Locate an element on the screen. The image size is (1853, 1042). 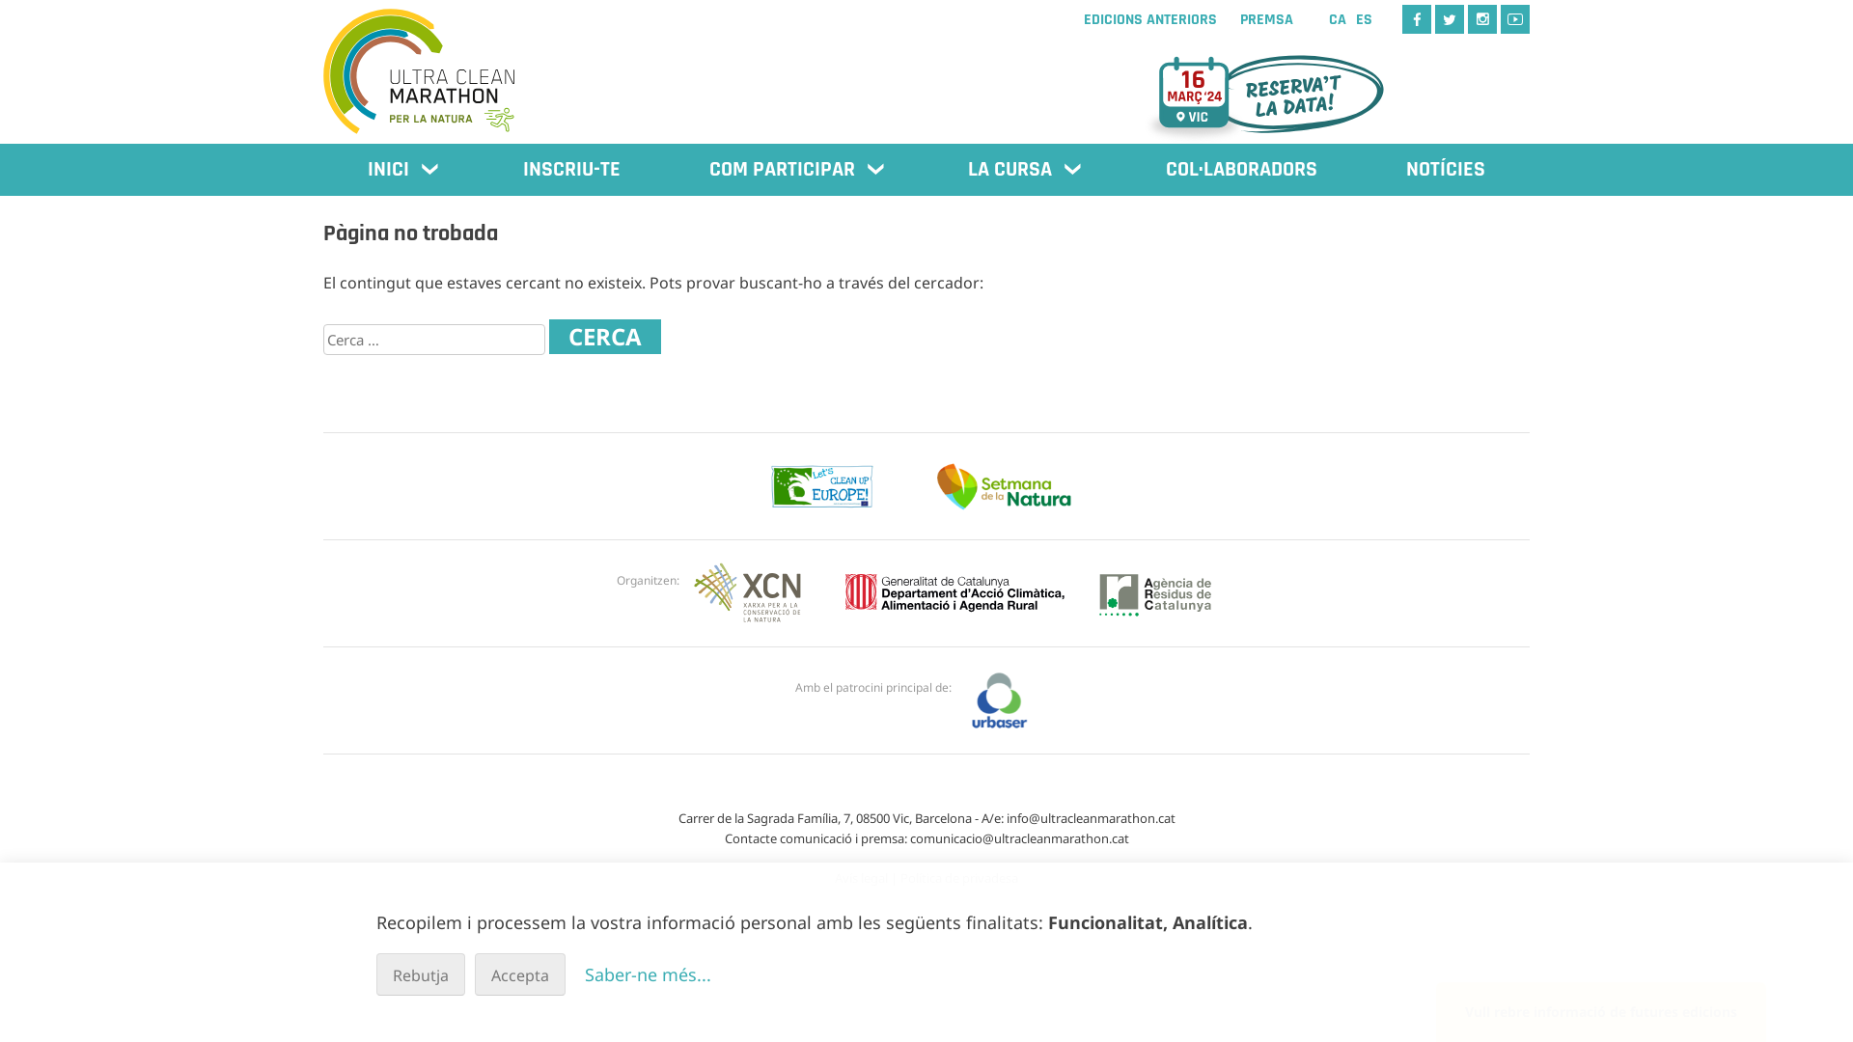
'Cerca' is located at coordinates (604, 335).